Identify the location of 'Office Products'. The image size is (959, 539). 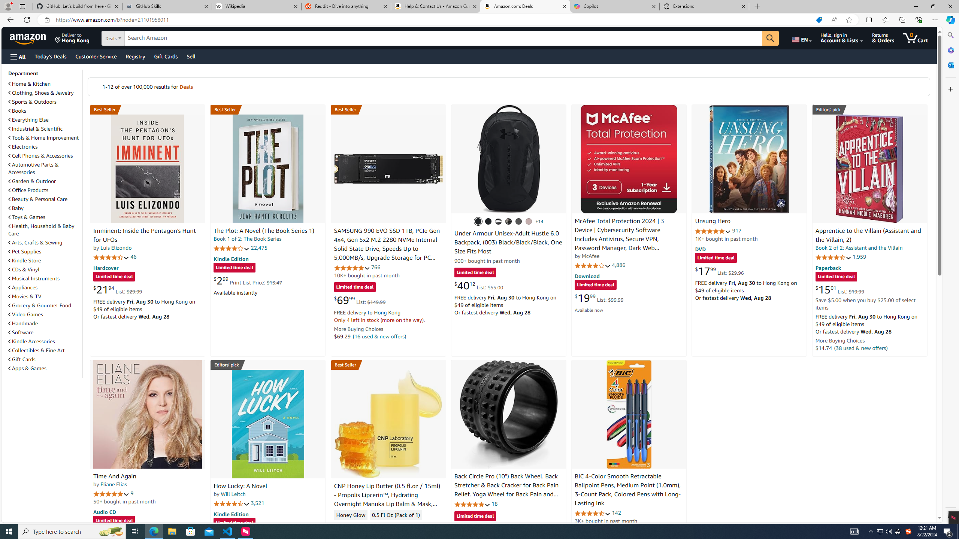
(28, 190).